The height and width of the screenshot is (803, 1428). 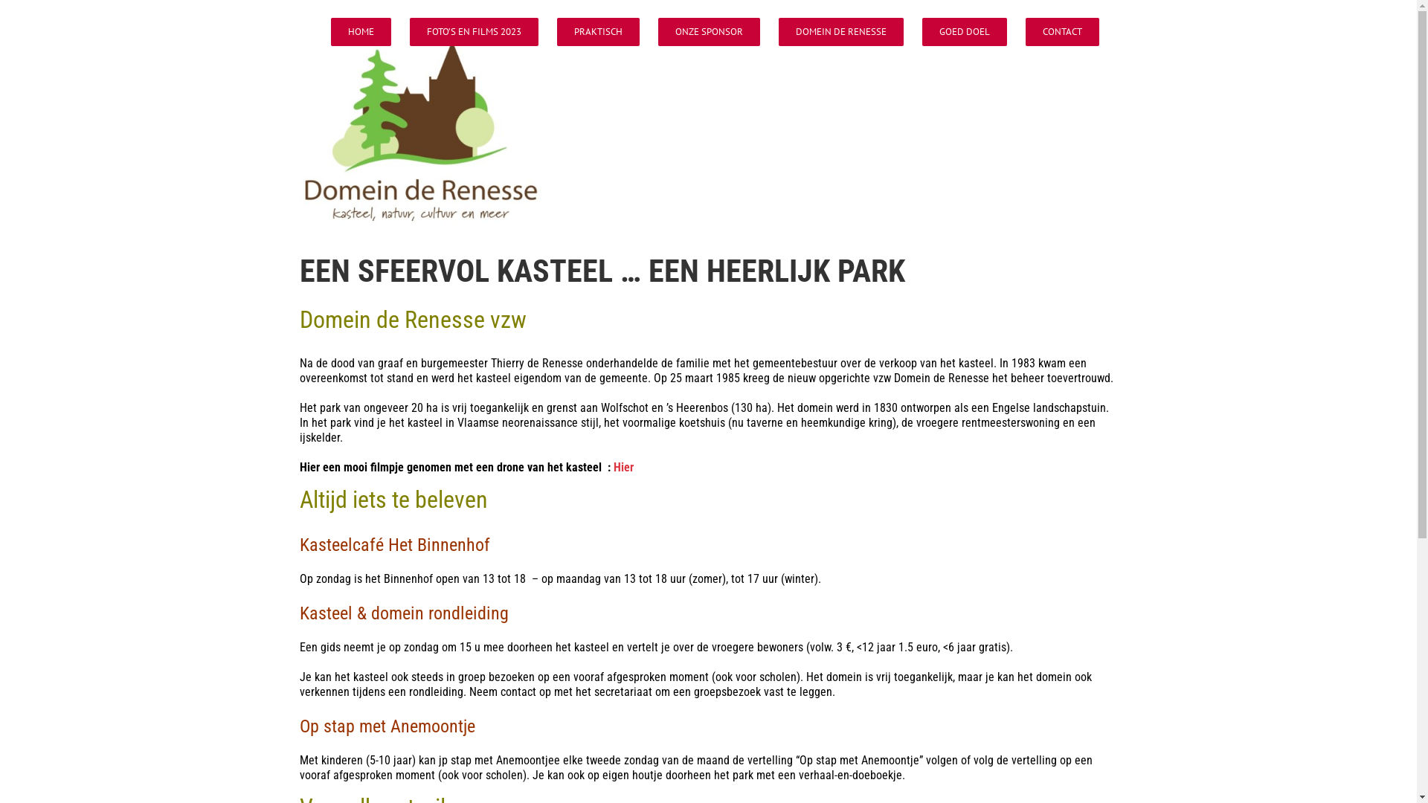 I want to click on 'DOMEIN DE RENESSE', so click(x=840, y=31).